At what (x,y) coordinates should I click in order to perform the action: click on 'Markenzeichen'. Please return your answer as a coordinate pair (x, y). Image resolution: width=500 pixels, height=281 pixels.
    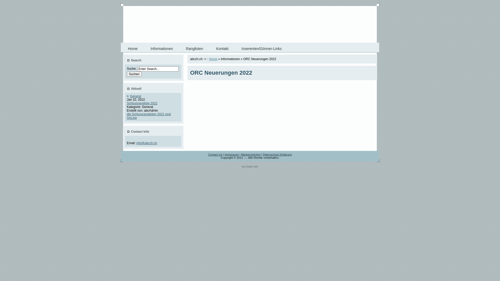
    Looking at the image, I should click on (251, 154).